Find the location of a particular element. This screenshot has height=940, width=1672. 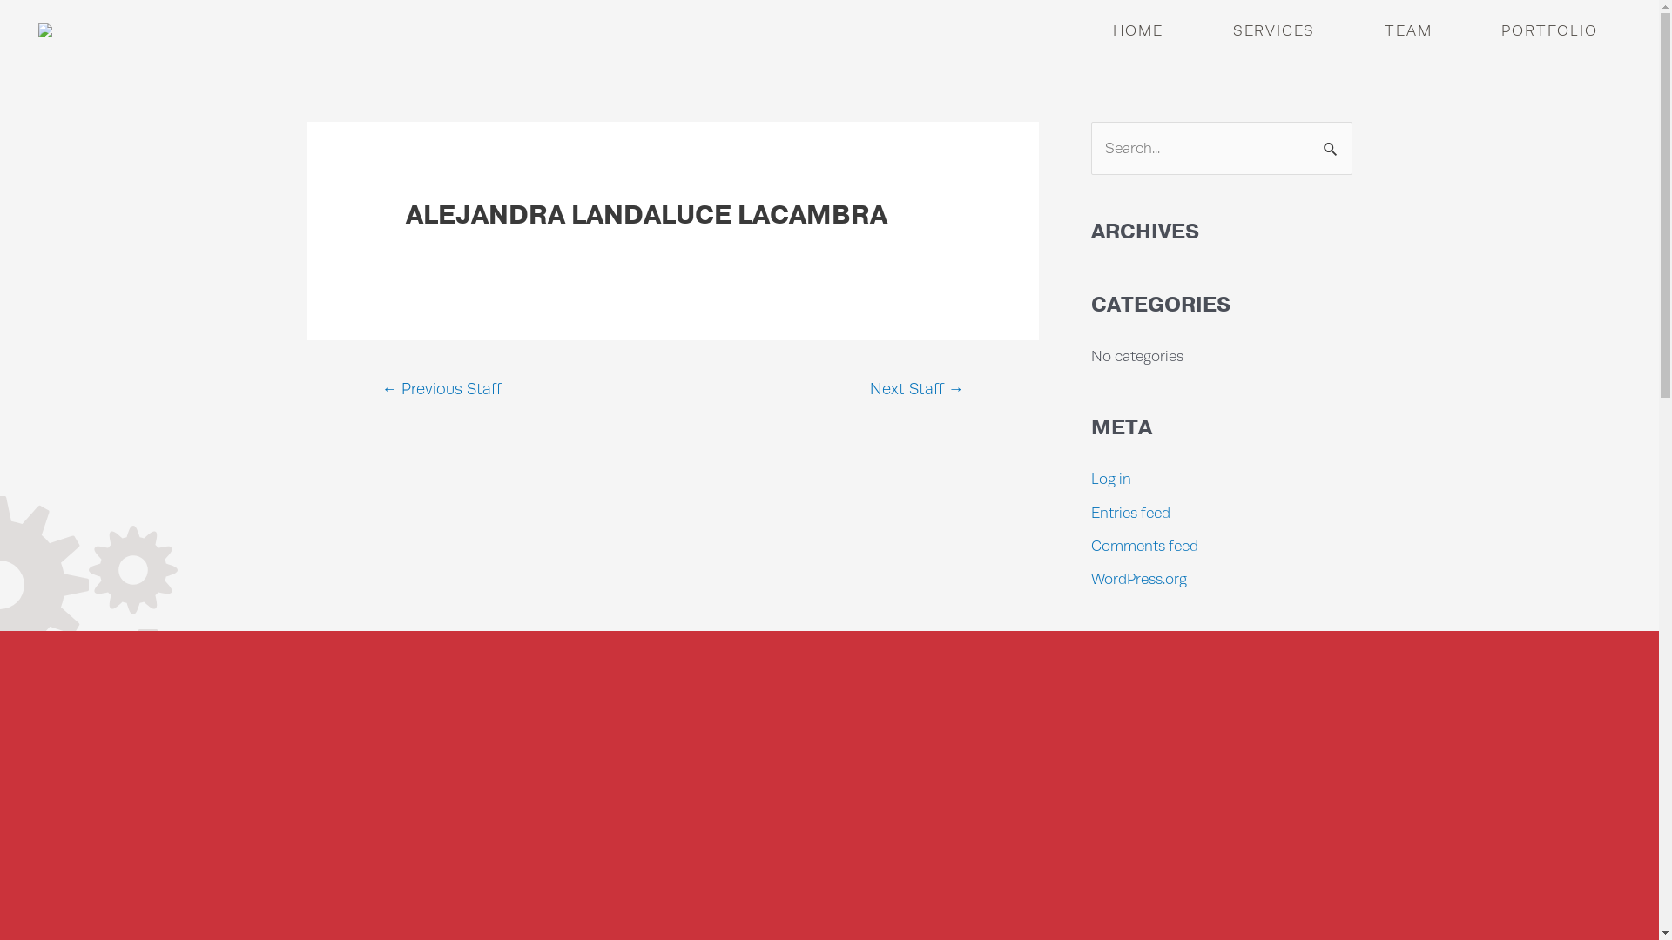

'WordPress.org' is located at coordinates (1137, 578).